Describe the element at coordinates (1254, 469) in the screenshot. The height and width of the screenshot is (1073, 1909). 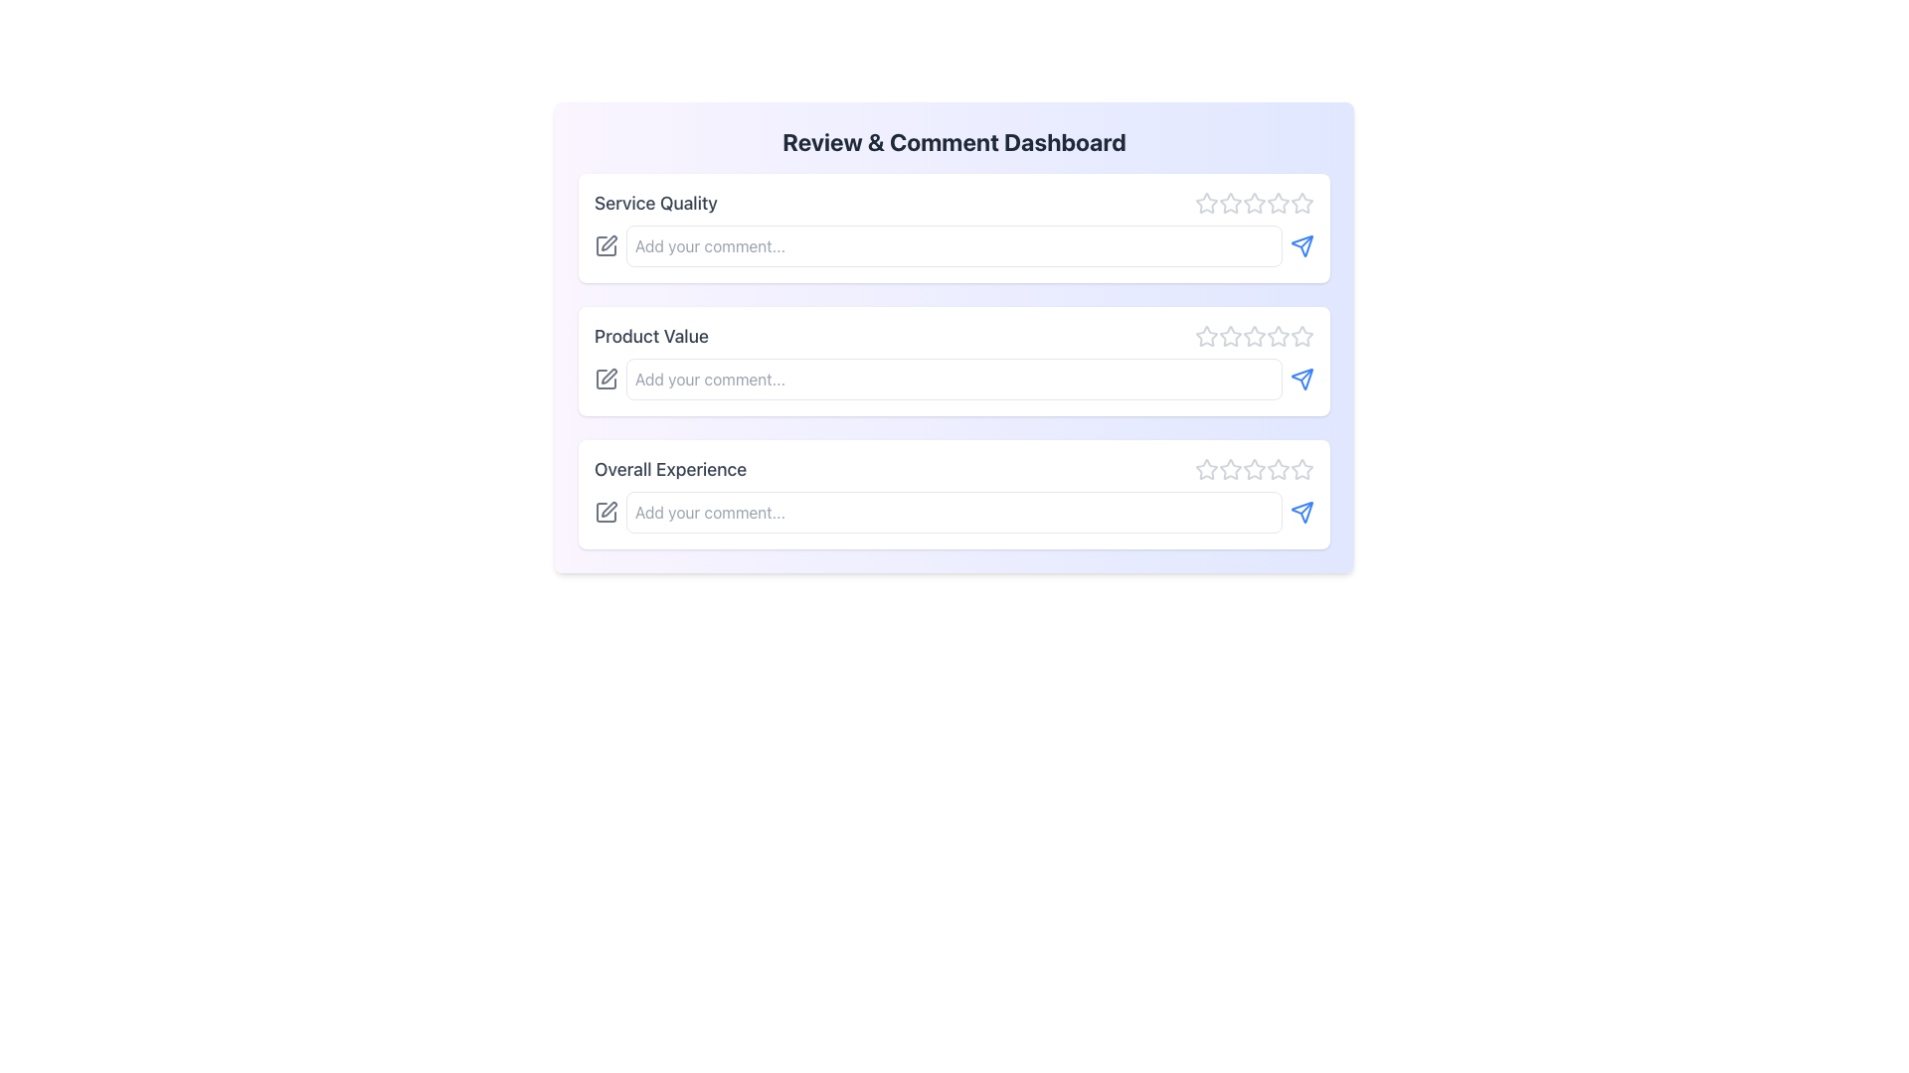
I see `the fourth star icon in the rating section under 'Overall Experience'` at that location.